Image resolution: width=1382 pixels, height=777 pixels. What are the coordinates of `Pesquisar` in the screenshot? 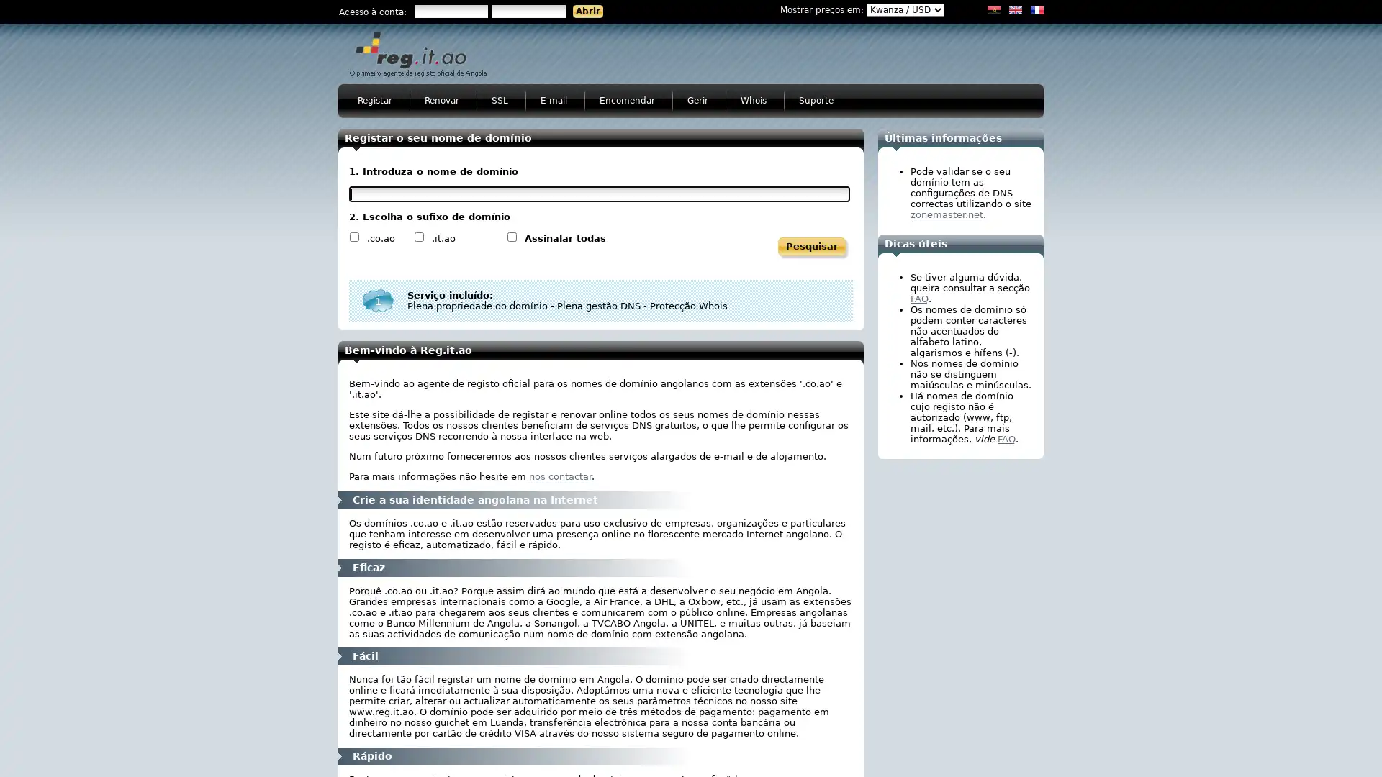 It's located at (812, 246).